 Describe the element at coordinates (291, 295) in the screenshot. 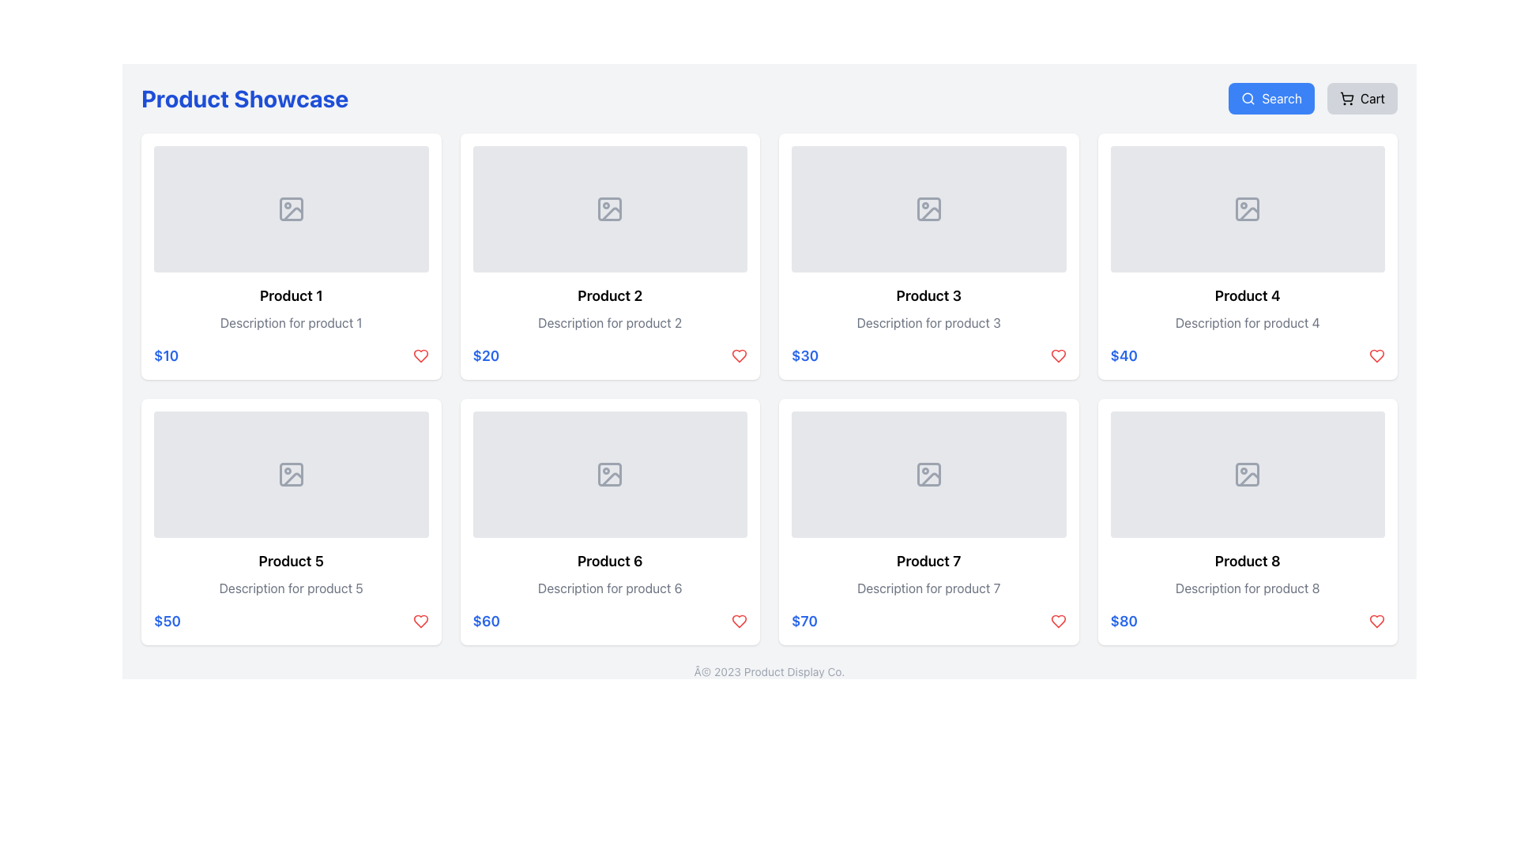

I see `the text label that reads 'Product 1', which is styled in bold font and located at the top center of the first card in the grid display` at that location.